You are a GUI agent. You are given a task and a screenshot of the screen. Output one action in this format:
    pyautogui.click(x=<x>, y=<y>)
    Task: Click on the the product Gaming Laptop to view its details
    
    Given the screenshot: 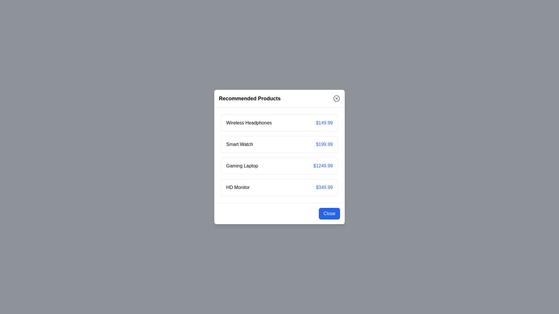 What is the action you would take?
    pyautogui.click(x=242, y=166)
    